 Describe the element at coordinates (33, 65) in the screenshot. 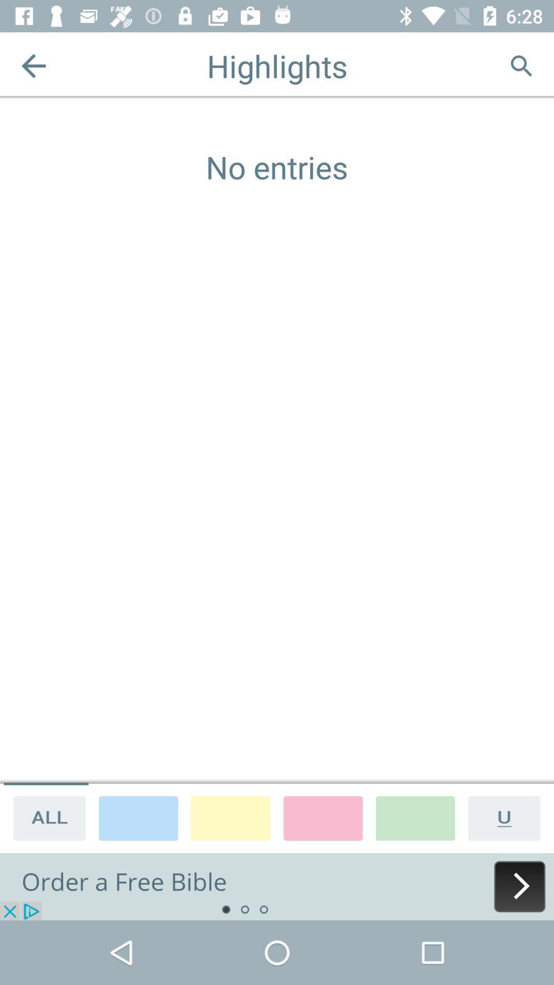

I see `the arrow_backward icon` at that location.